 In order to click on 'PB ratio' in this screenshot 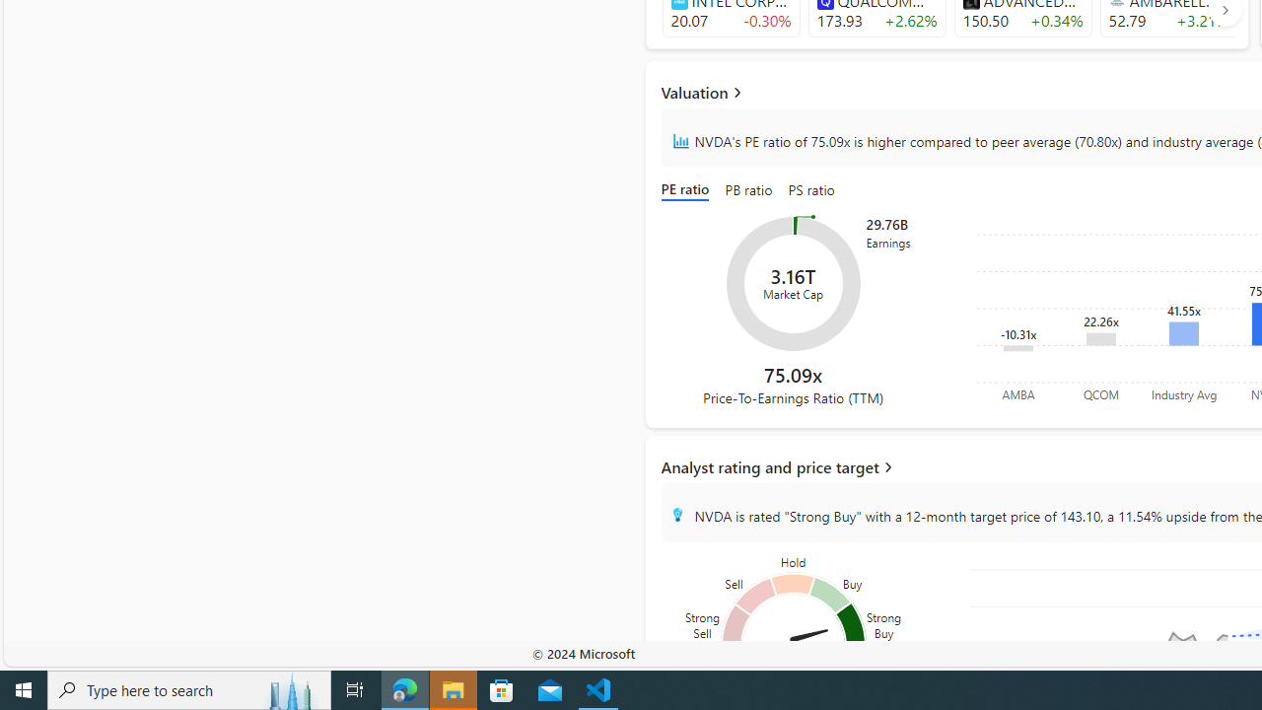, I will do `click(747, 191)`.